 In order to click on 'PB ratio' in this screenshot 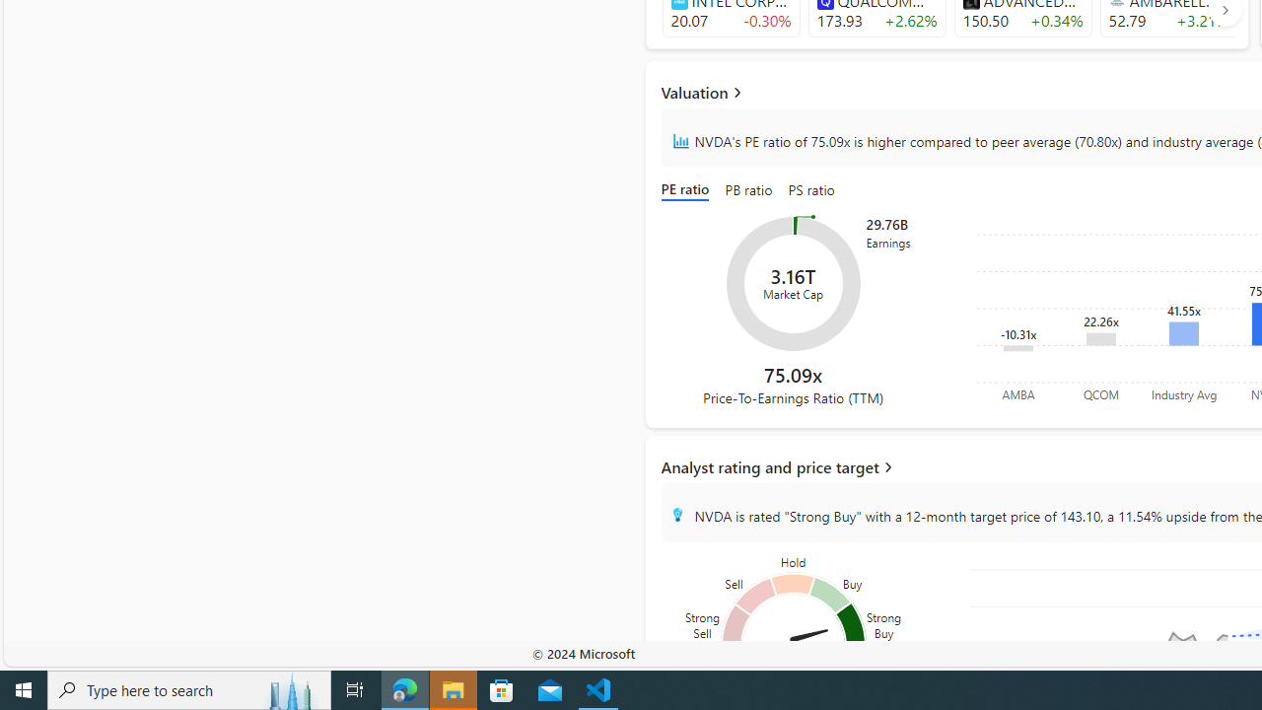, I will do `click(747, 191)`.